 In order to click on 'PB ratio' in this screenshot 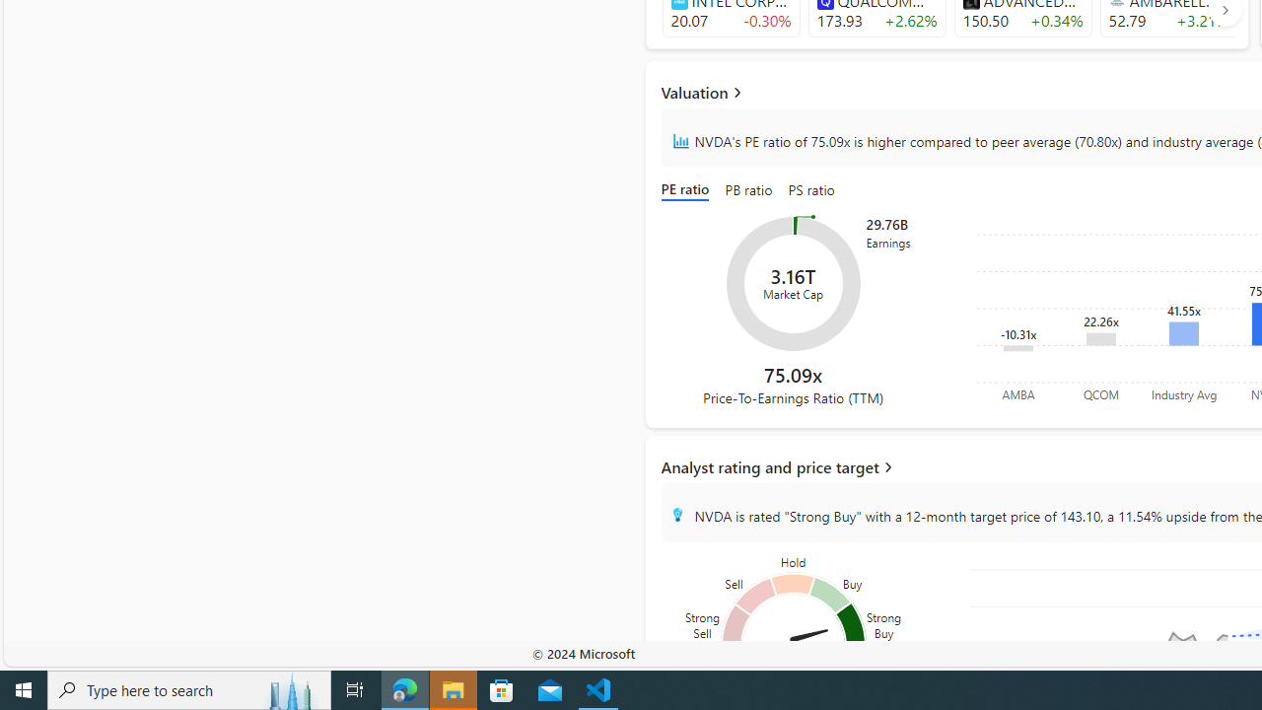, I will do `click(747, 191)`.